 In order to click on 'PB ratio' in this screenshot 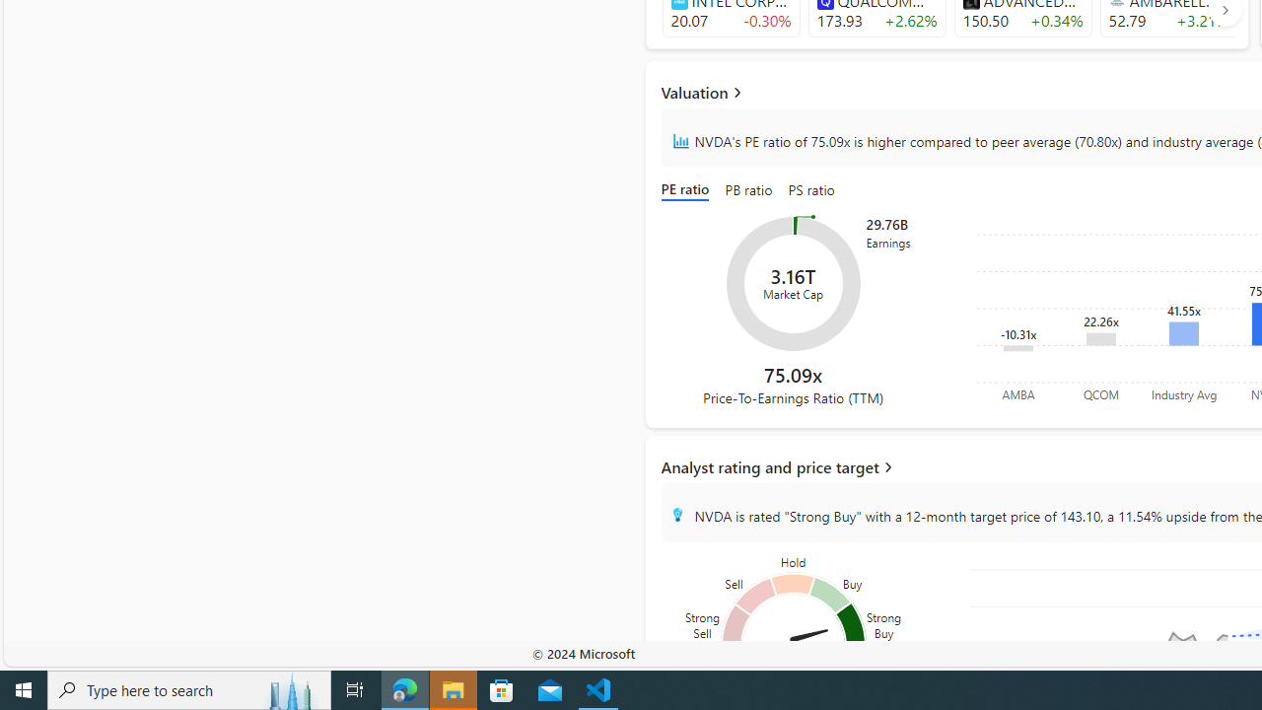, I will do `click(747, 191)`.